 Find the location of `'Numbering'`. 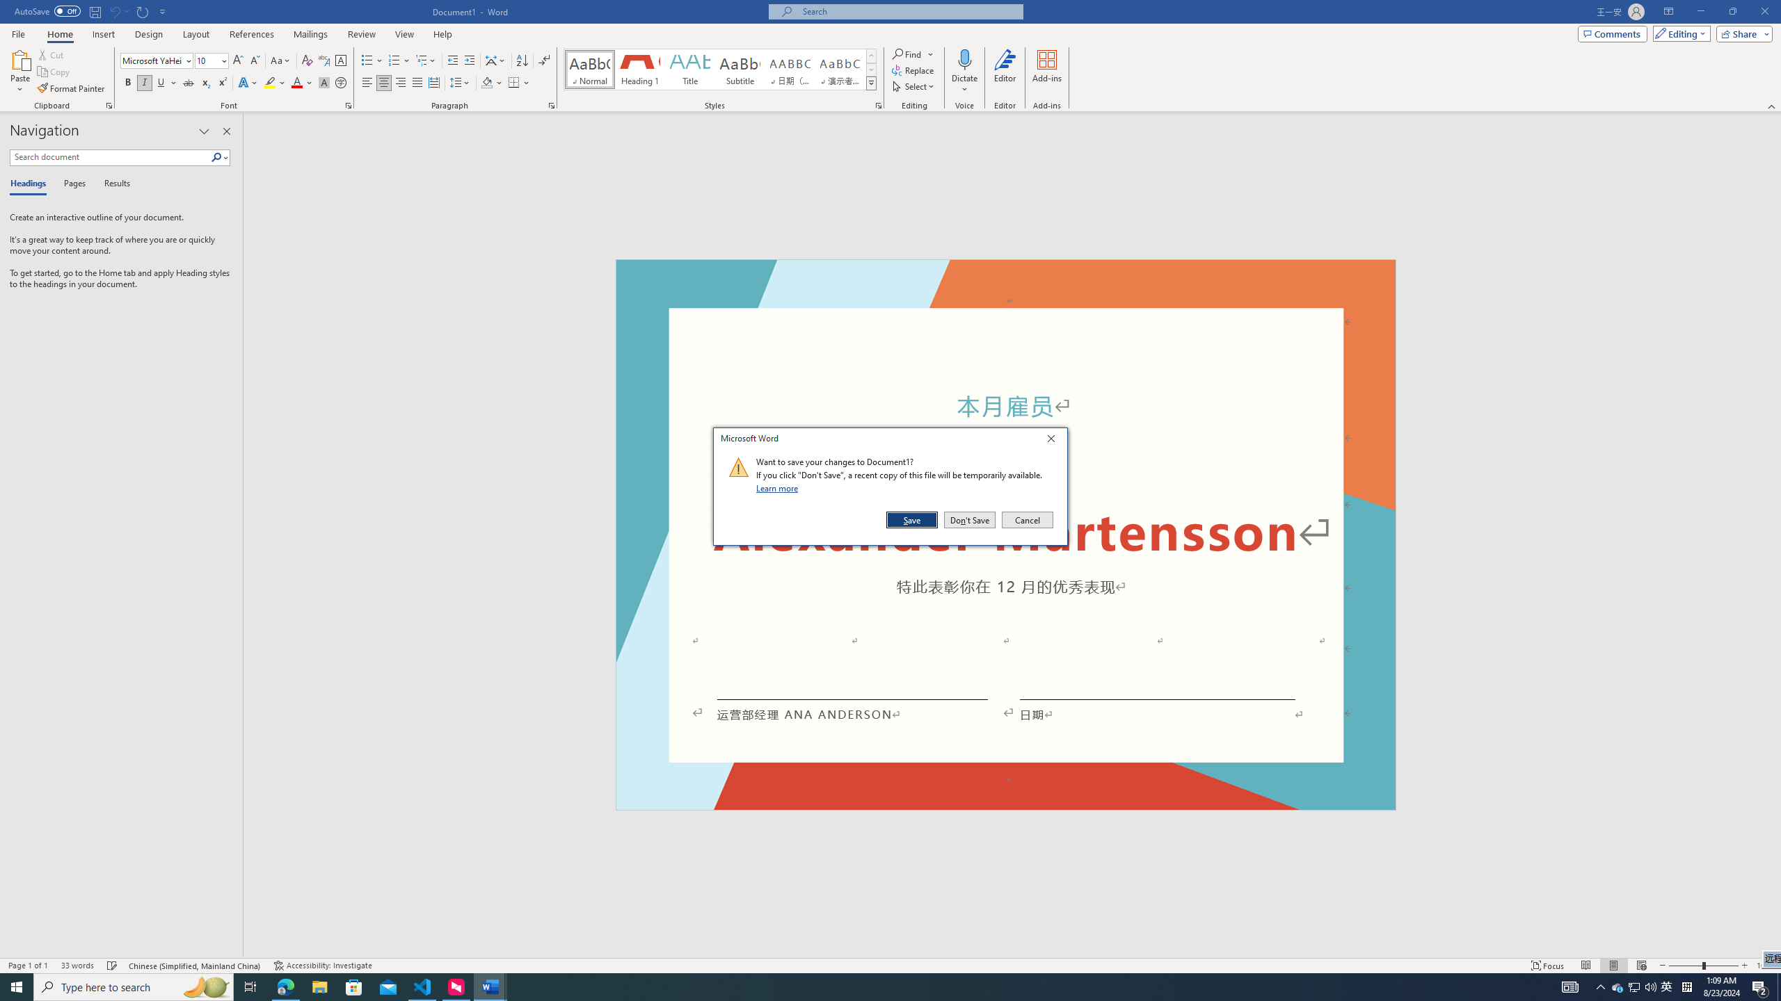

'Numbering' is located at coordinates (394, 60).